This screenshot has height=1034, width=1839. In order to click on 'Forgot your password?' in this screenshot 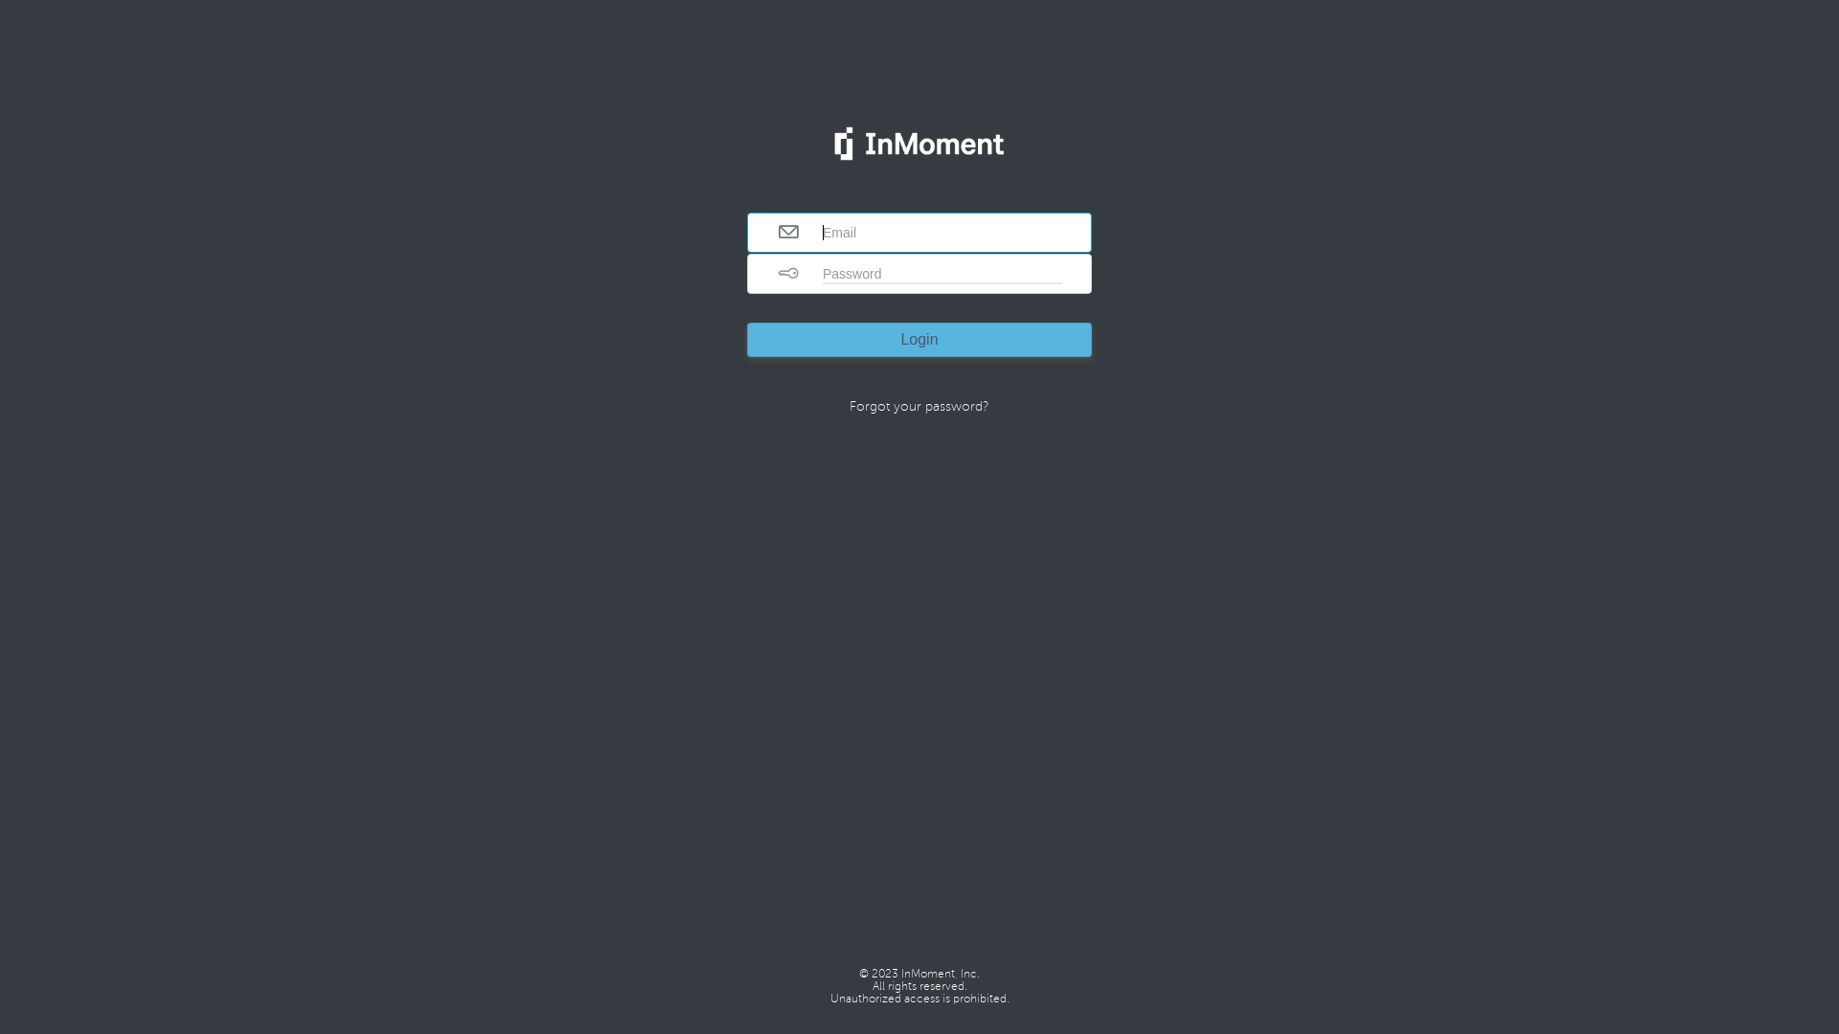, I will do `click(919, 405)`.